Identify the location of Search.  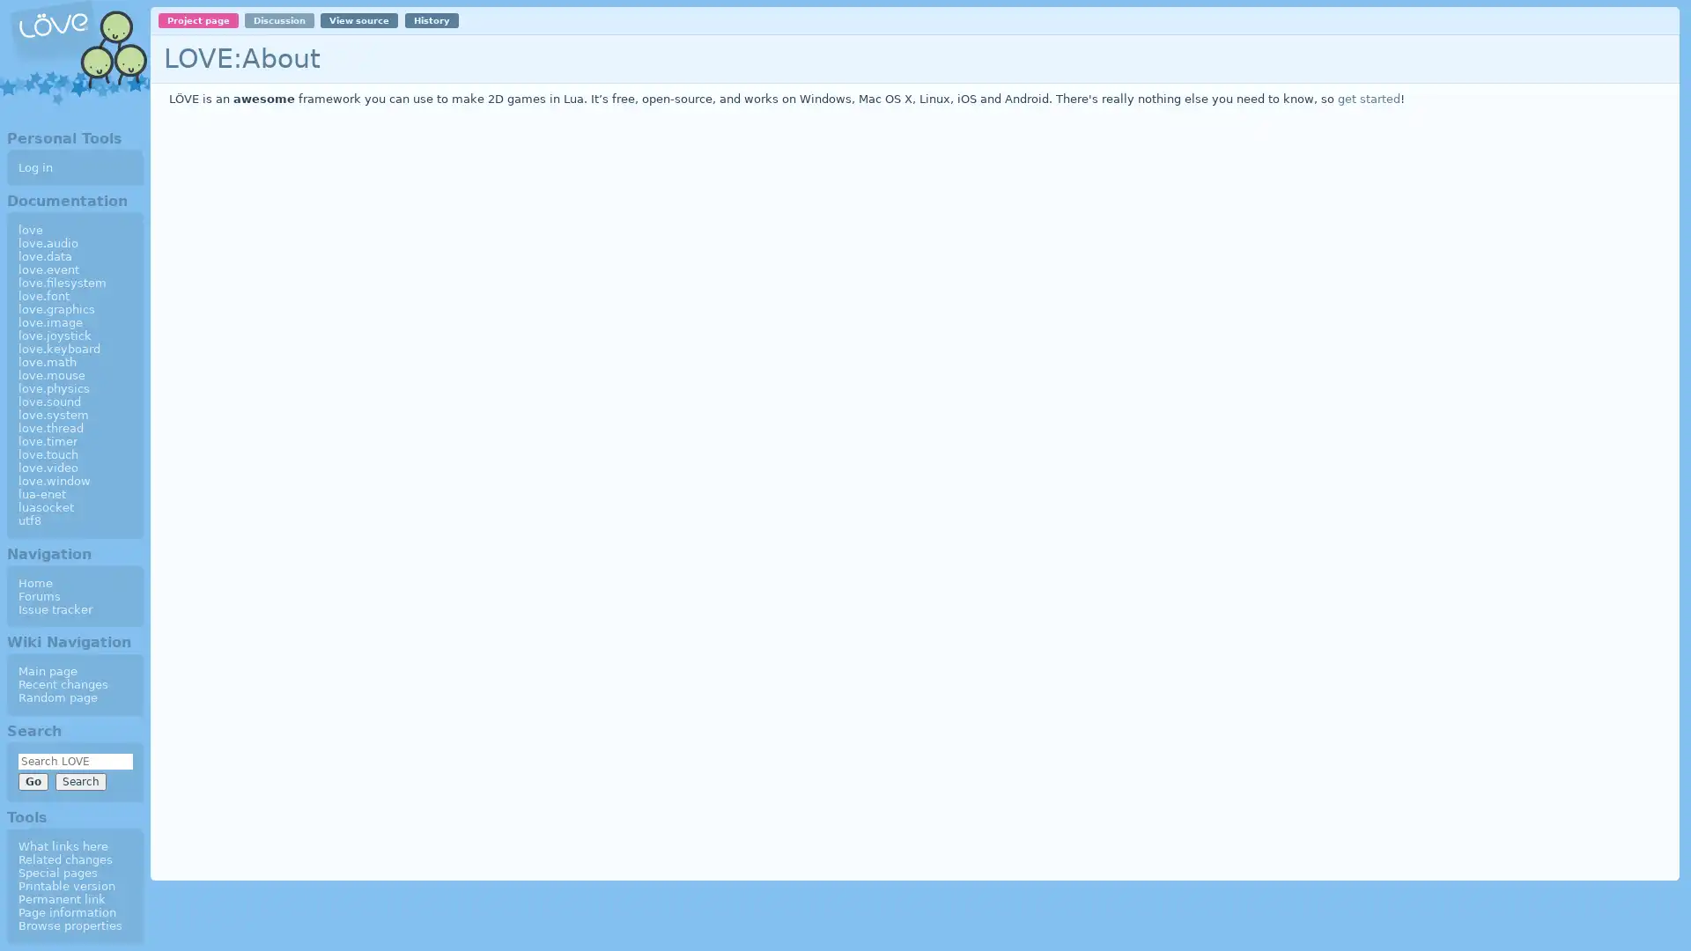
(79, 780).